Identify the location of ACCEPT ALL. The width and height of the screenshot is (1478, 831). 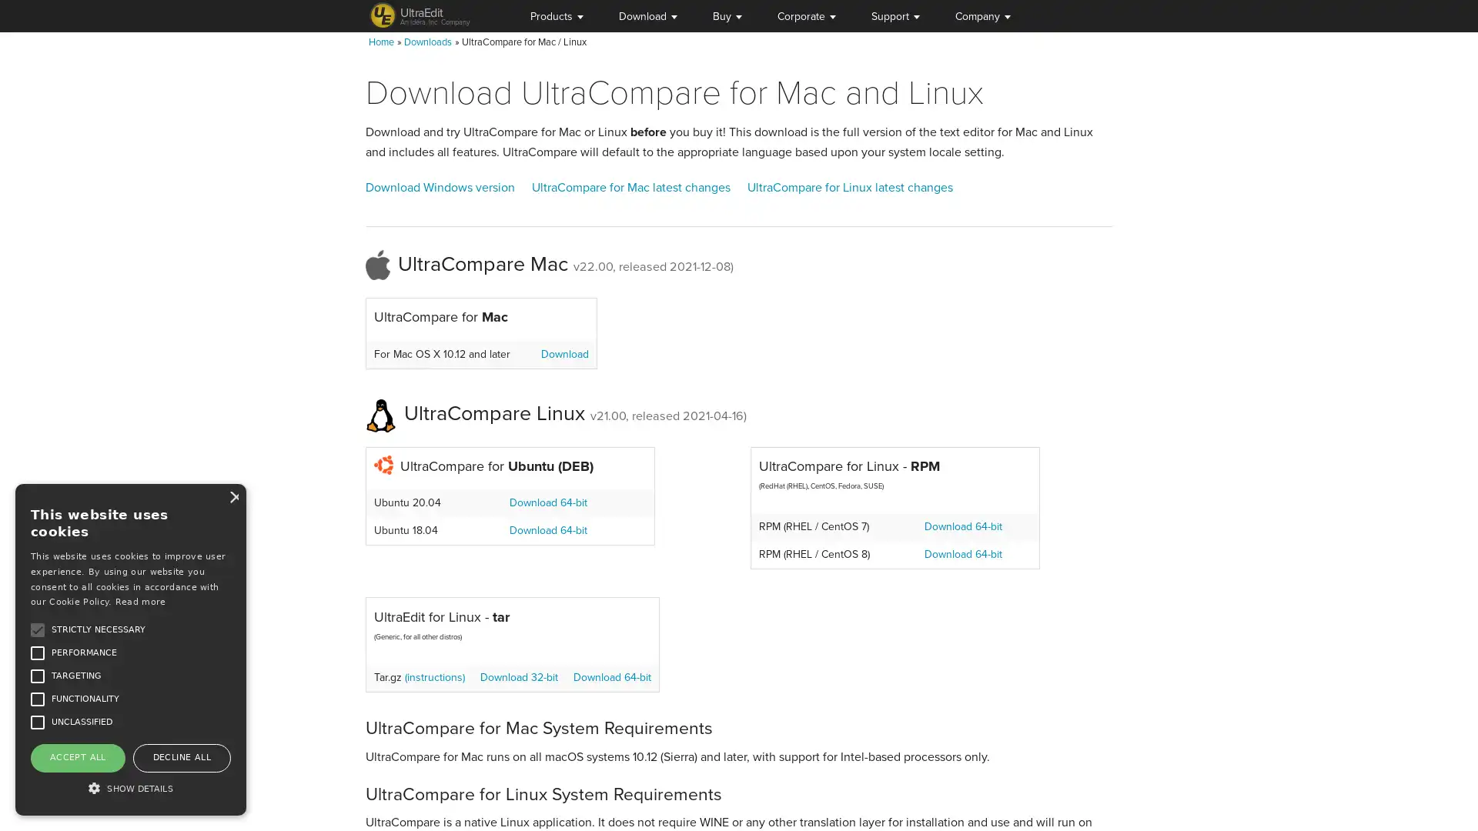
(76, 756).